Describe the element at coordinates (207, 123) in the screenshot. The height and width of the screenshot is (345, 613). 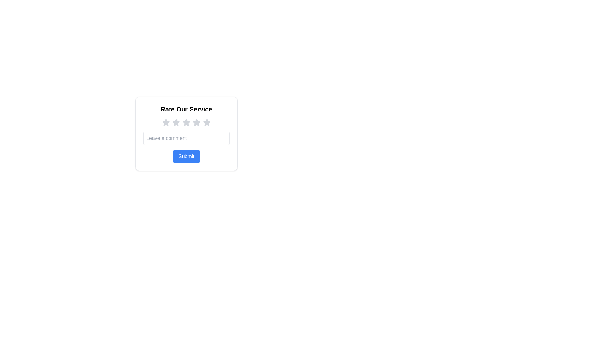
I see `the fifth star in the interactive rating bar` at that location.